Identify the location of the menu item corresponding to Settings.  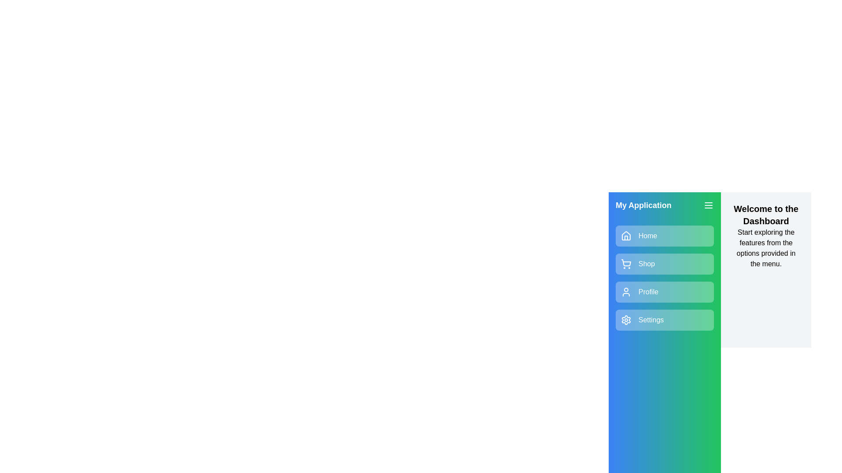
(665, 320).